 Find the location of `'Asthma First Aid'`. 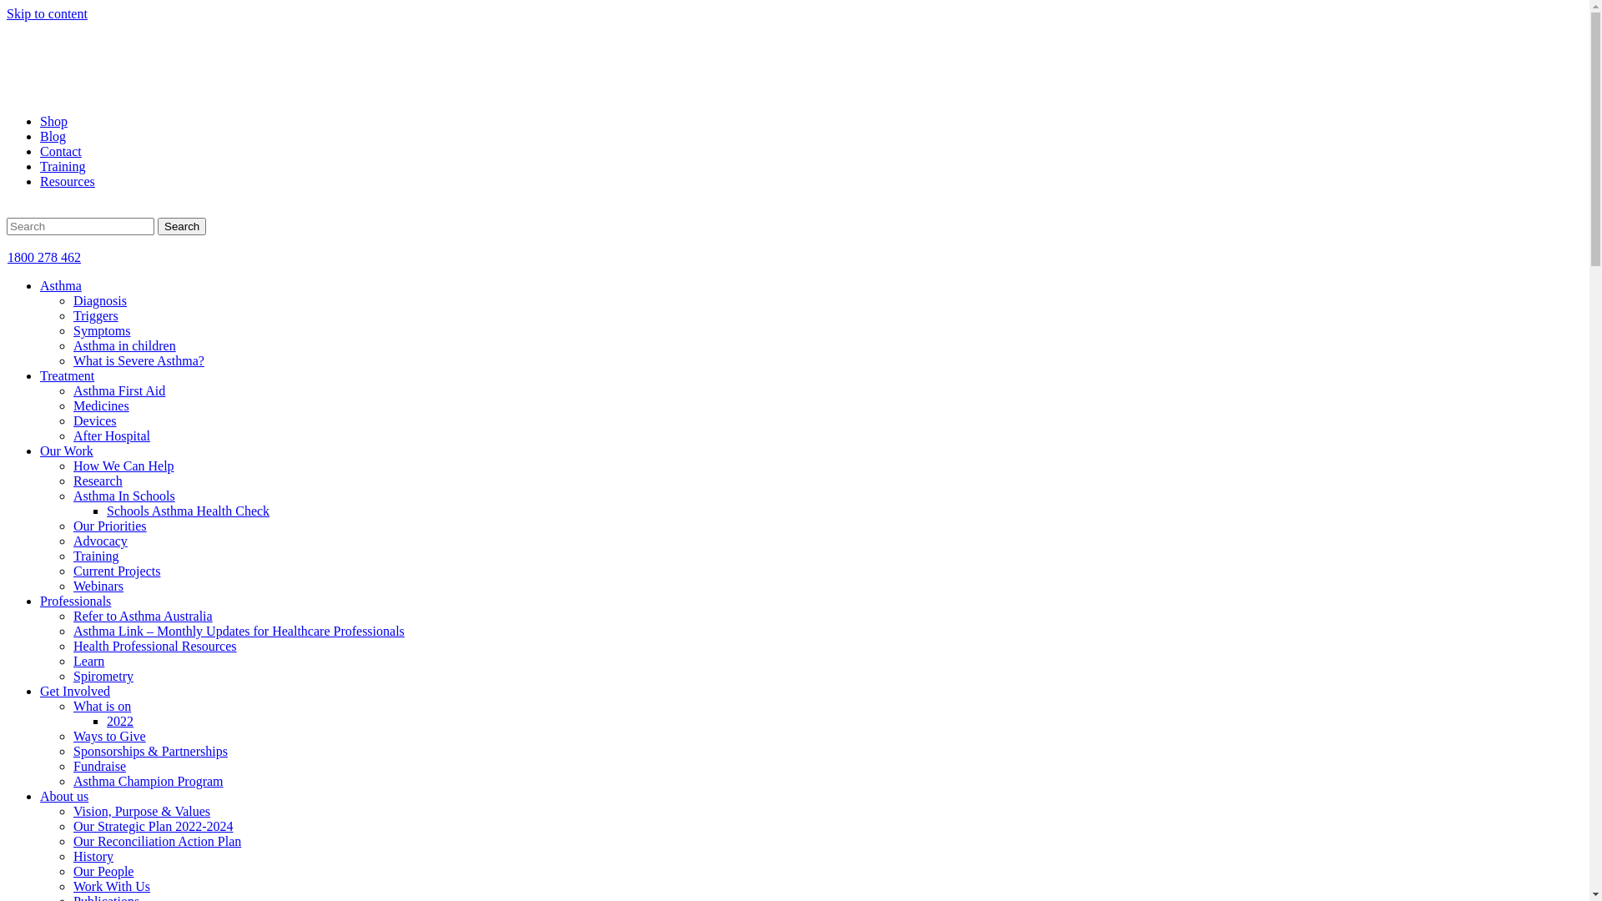

'Asthma First Aid' is located at coordinates (118, 390).